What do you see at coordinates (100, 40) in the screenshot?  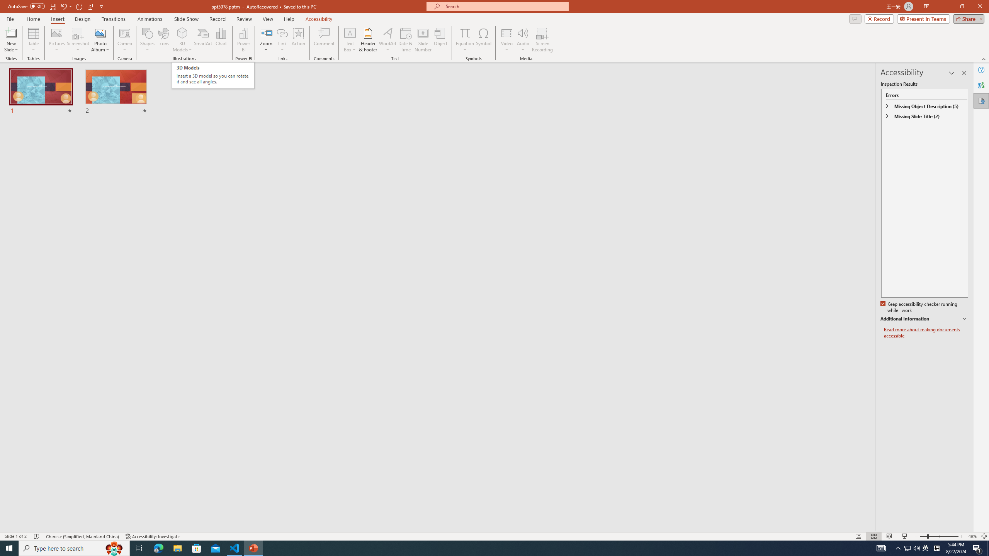 I see `'Photo Album...'` at bounding box center [100, 40].